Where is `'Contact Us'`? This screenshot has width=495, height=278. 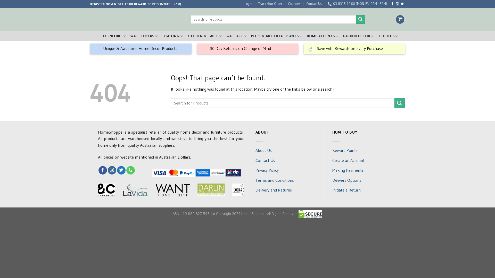 'Contact Us' is located at coordinates (312, 4).